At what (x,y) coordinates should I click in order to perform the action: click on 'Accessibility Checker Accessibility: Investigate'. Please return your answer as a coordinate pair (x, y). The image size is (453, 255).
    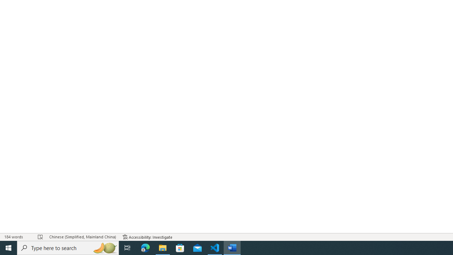
    Looking at the image, I should click on (147, 237).